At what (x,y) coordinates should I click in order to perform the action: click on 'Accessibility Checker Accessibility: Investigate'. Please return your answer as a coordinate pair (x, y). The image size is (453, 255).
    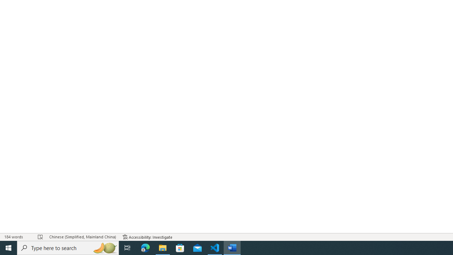
    Looking at the image, I should click on (147, 237).